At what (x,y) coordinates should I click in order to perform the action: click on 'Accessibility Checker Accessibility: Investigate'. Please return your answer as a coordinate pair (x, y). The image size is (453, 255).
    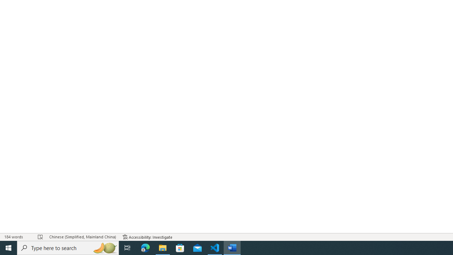
    Looking at the image, I should click on (147, 237).